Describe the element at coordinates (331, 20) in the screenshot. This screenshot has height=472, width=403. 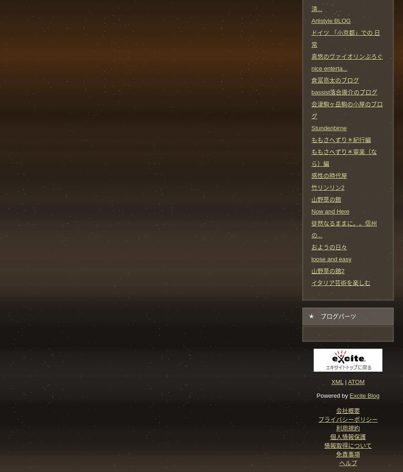
I see `'Artistyle BLOG'` at that location.